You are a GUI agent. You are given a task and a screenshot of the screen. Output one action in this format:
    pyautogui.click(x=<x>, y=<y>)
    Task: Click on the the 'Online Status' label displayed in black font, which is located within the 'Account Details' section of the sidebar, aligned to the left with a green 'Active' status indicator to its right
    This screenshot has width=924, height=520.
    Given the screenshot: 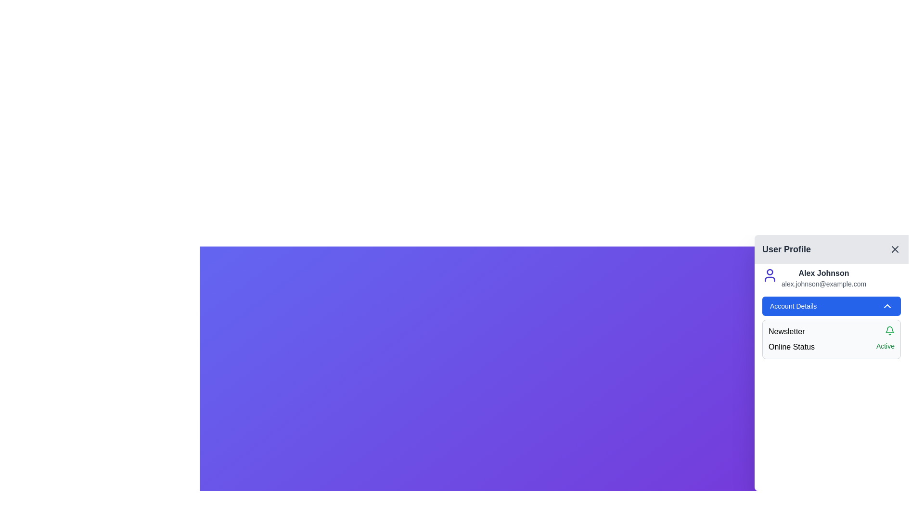 What is the action you would take?
    pyautogui.click(x=792, y=347)
    